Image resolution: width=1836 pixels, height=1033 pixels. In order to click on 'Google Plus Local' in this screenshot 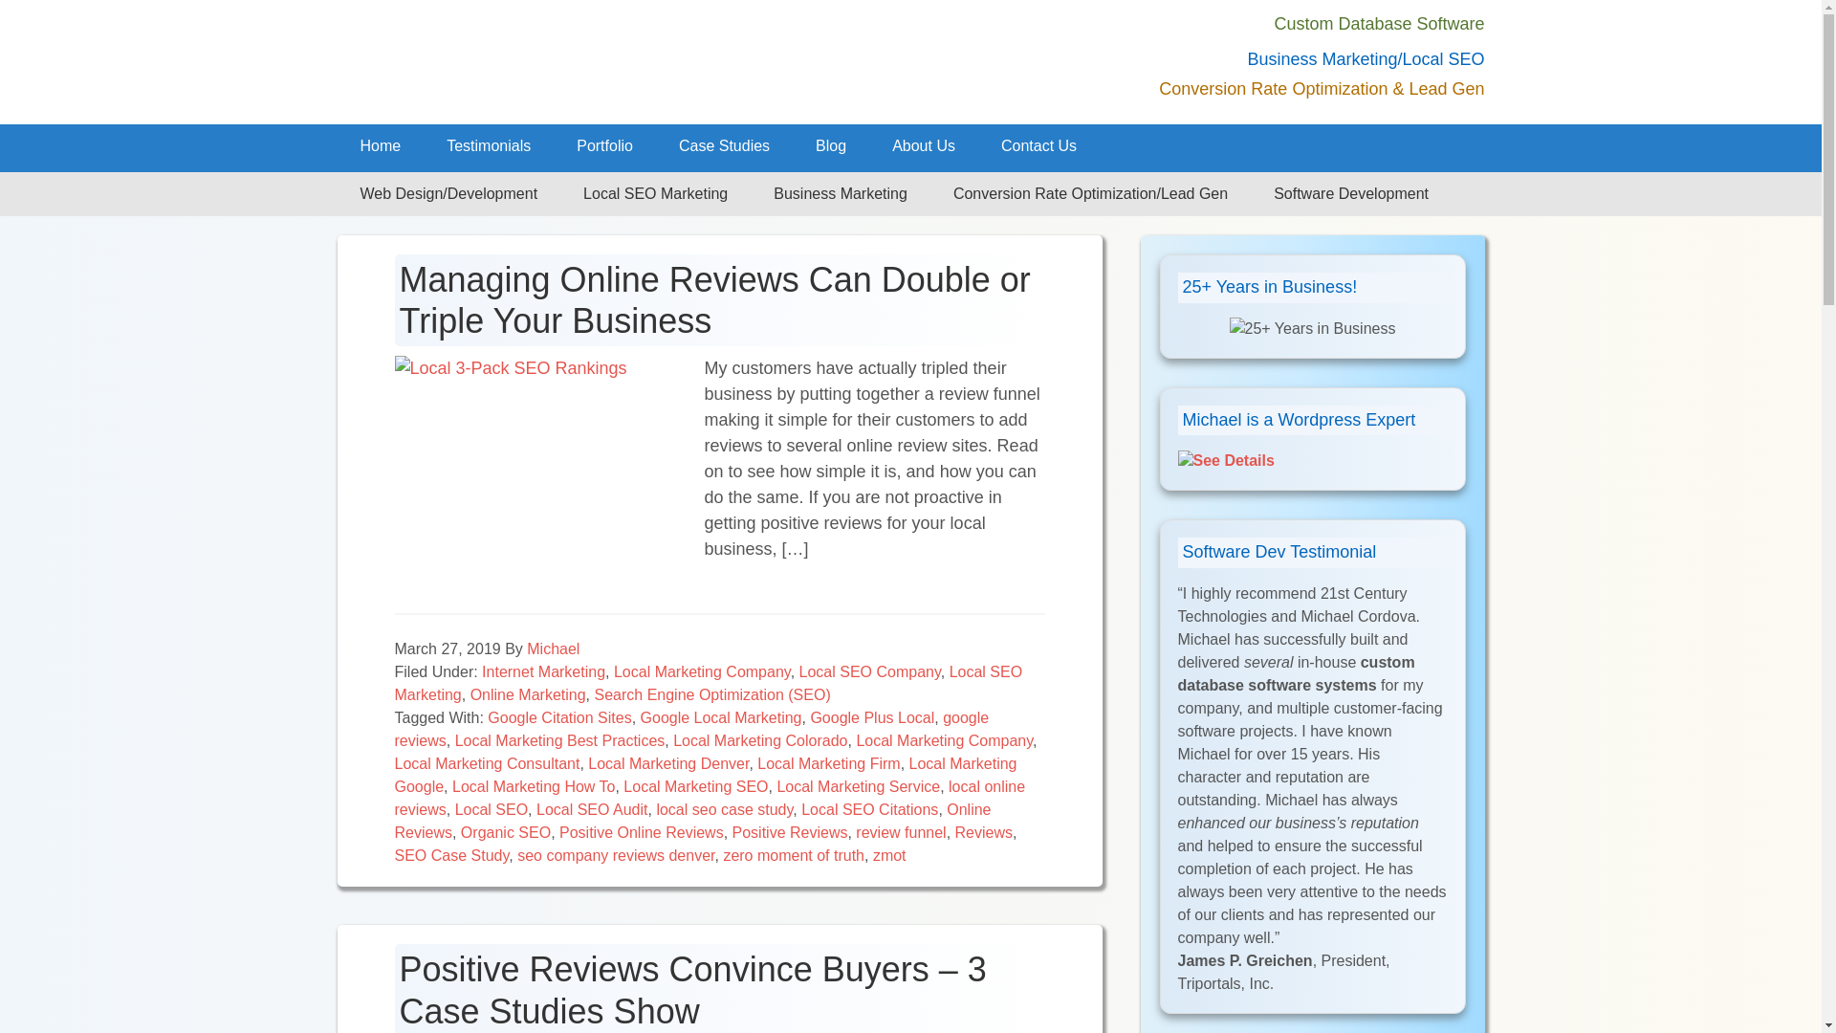, I will do `click(871, 717)`.